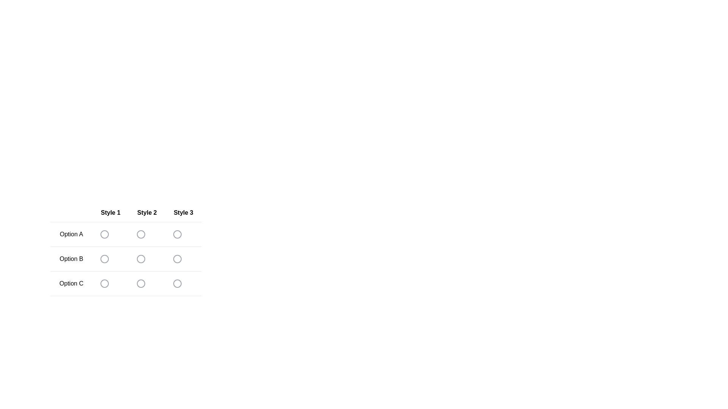 The image size is (728, 409). Describe the element at coordinates (184, 258) in the screenshot. I see `the radio button for Option B, Style 3` at that location.